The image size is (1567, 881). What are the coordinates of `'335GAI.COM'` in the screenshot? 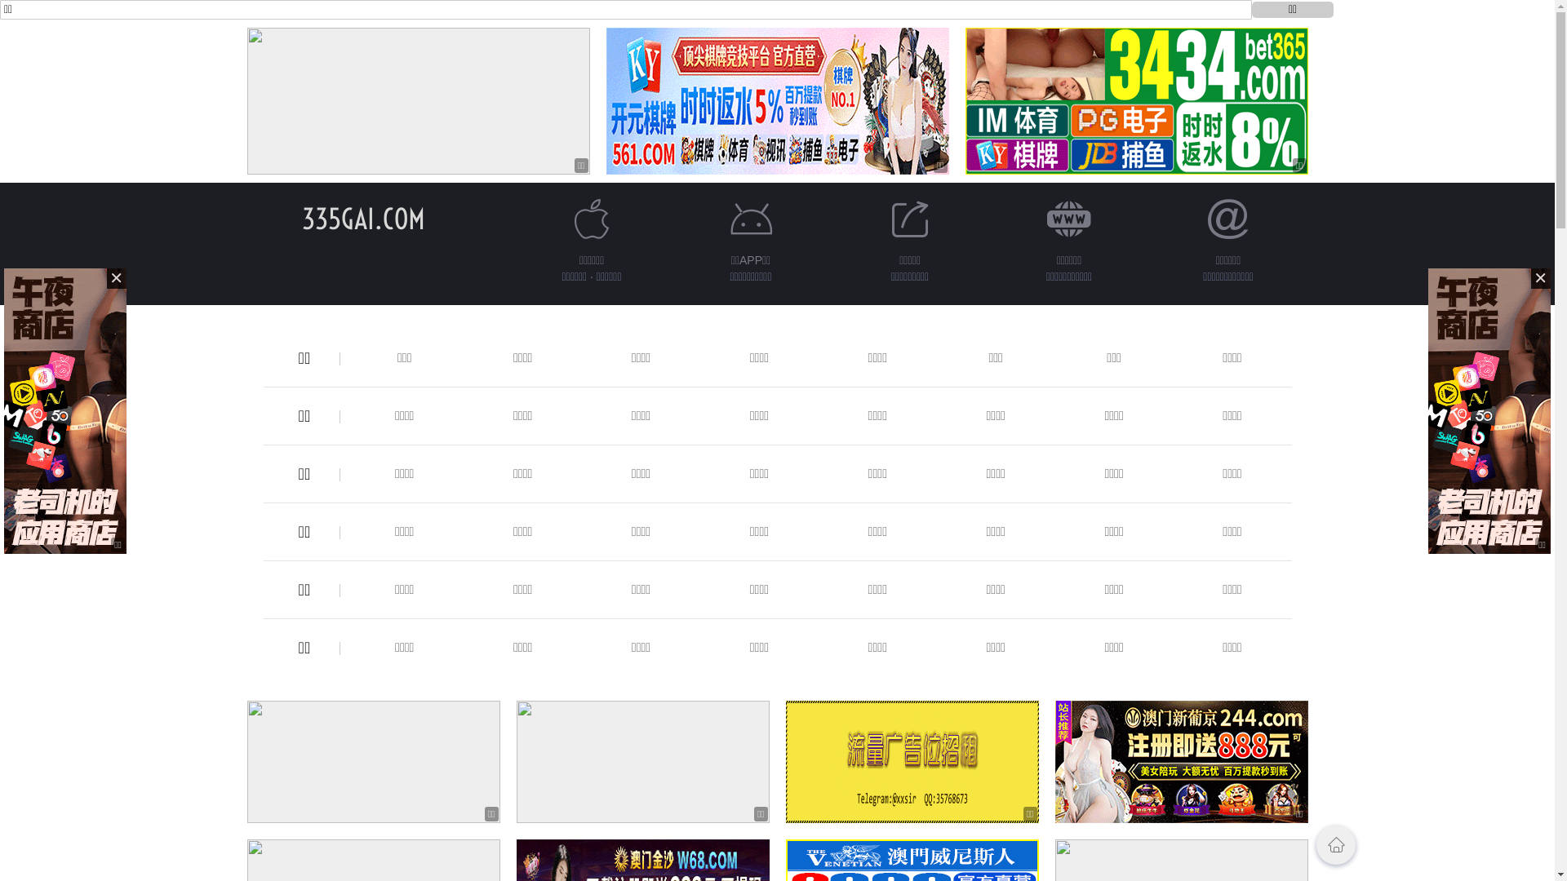 It's located at (301, 218).